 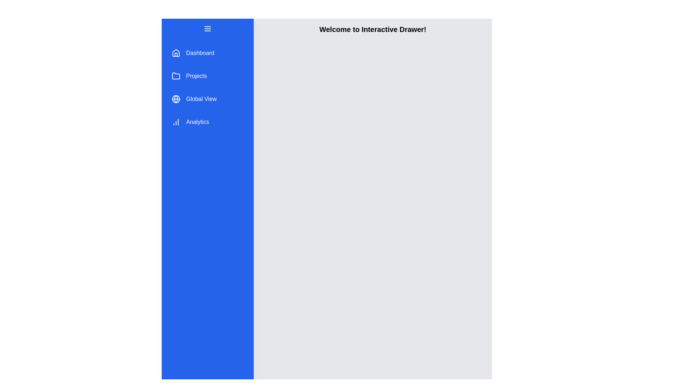 I want to click on the 'Welcome to Interactive Drawer!' text displayed in the main content area, so click(x=373, y=29).